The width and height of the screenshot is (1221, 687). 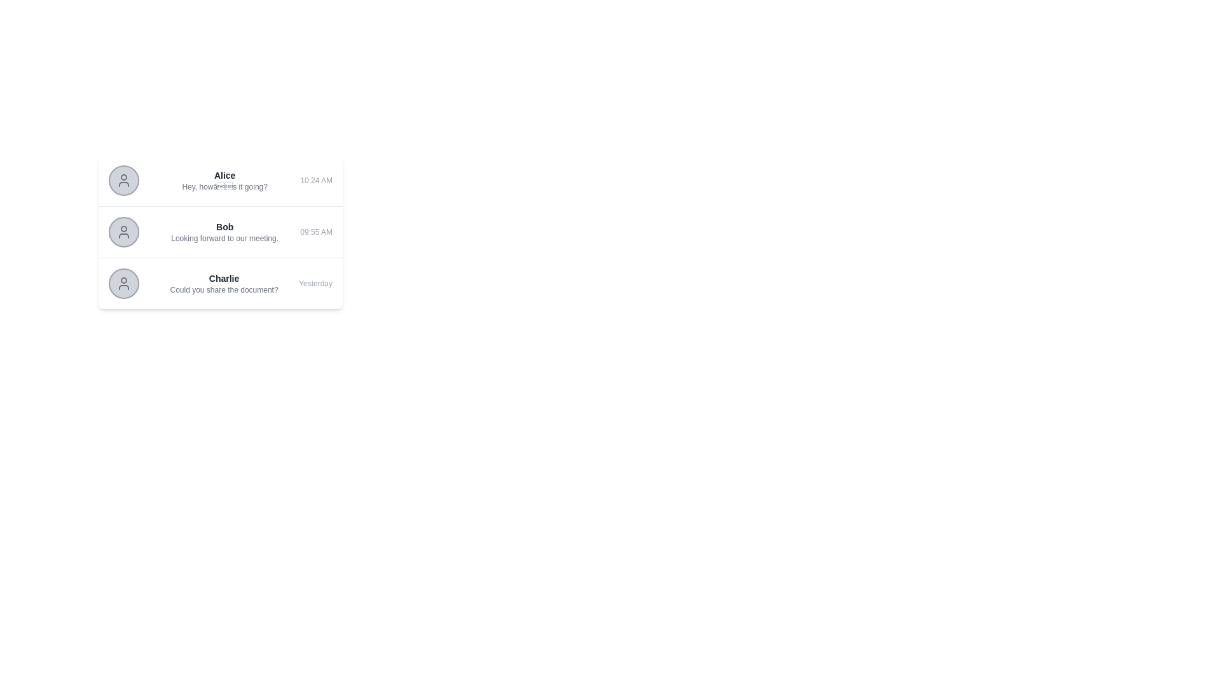 What do you see at coordinates (220, 232) in the screenshot?
I see `the second chat message entry in the list` at bounding box center [220, 232].